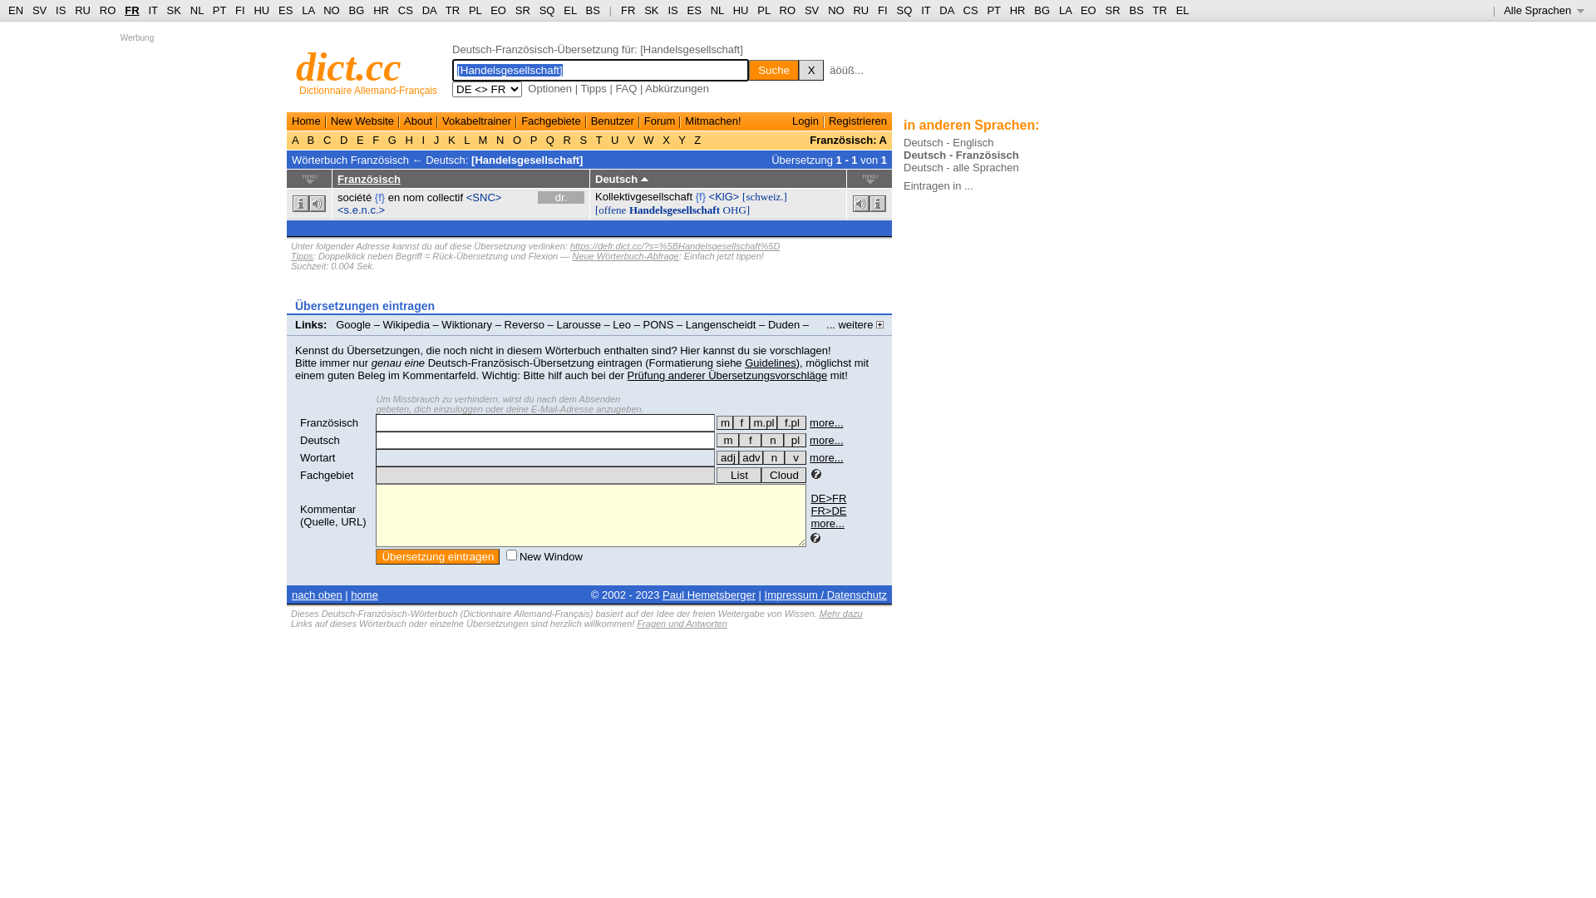 This screenshot has height=898, width=1596. I want to click on 'IS', so click(672, 10).